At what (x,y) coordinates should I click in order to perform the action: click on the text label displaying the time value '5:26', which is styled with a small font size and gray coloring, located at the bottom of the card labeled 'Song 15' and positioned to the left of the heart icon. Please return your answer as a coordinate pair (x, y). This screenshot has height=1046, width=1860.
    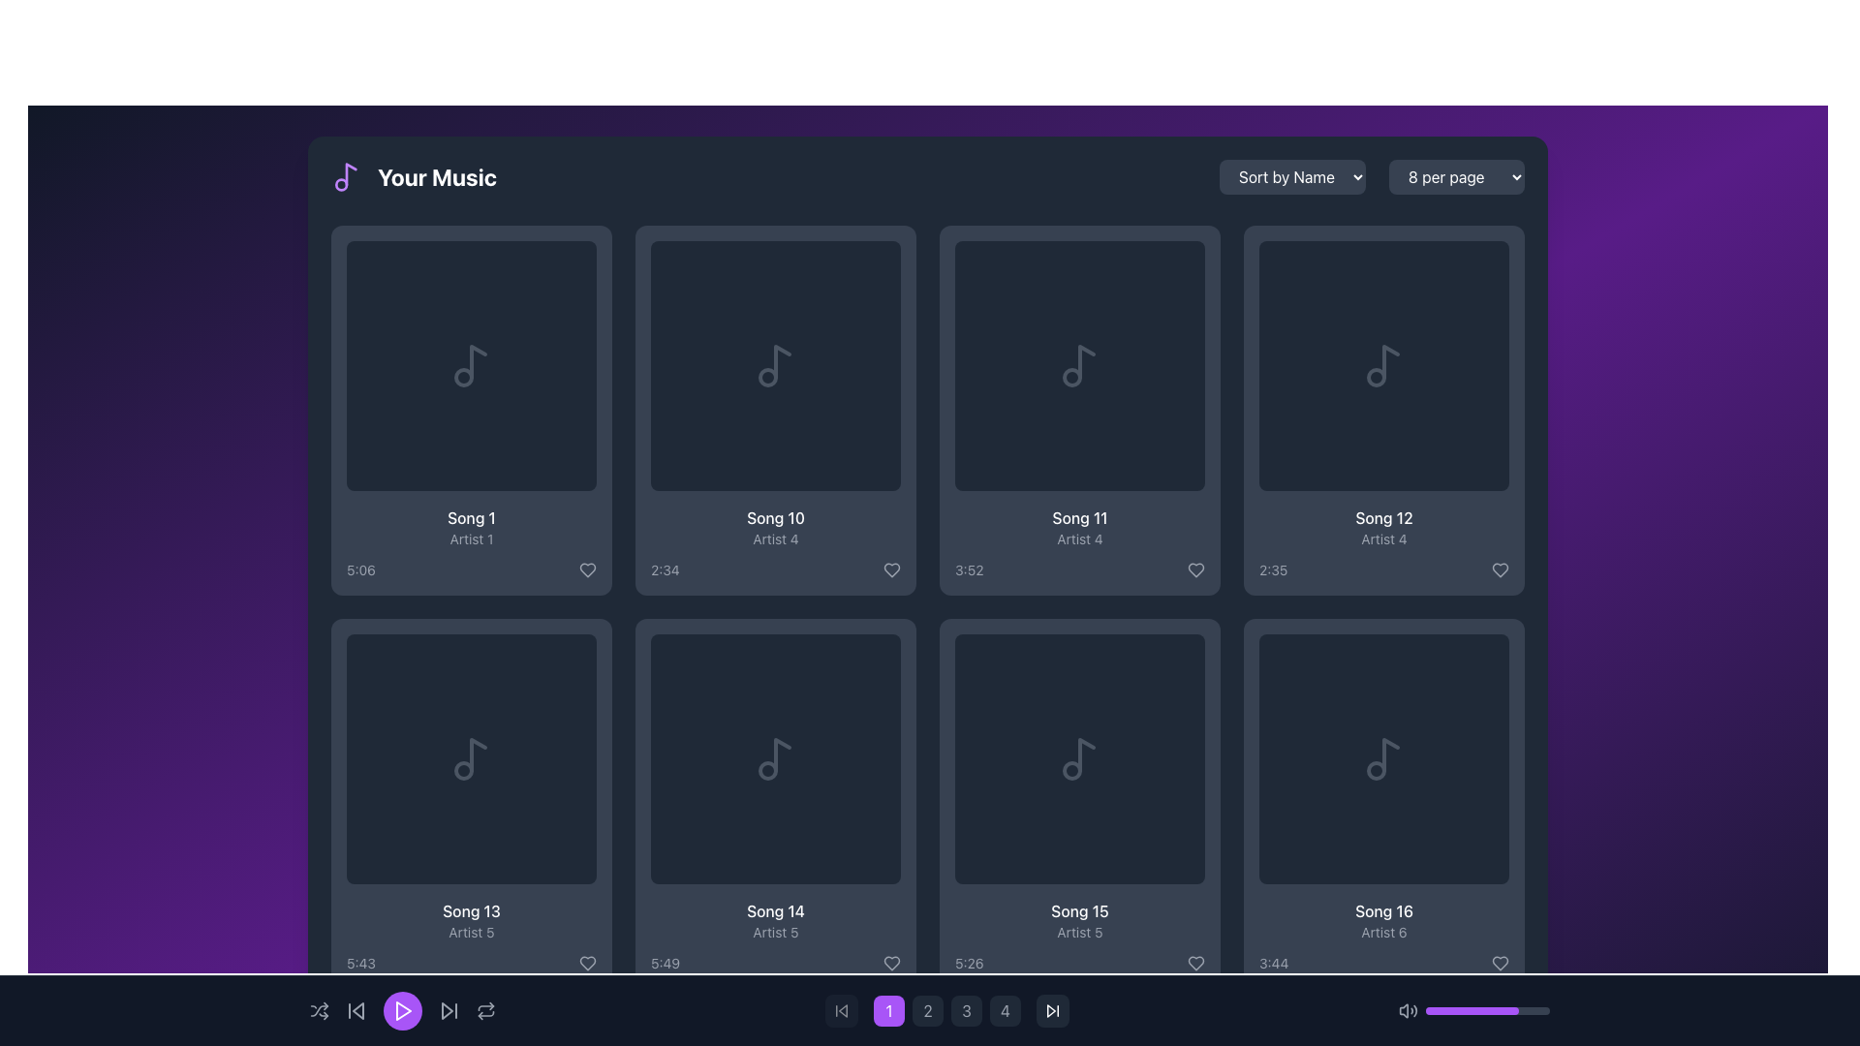
    Looking at the image, I should click on (1078, 964).